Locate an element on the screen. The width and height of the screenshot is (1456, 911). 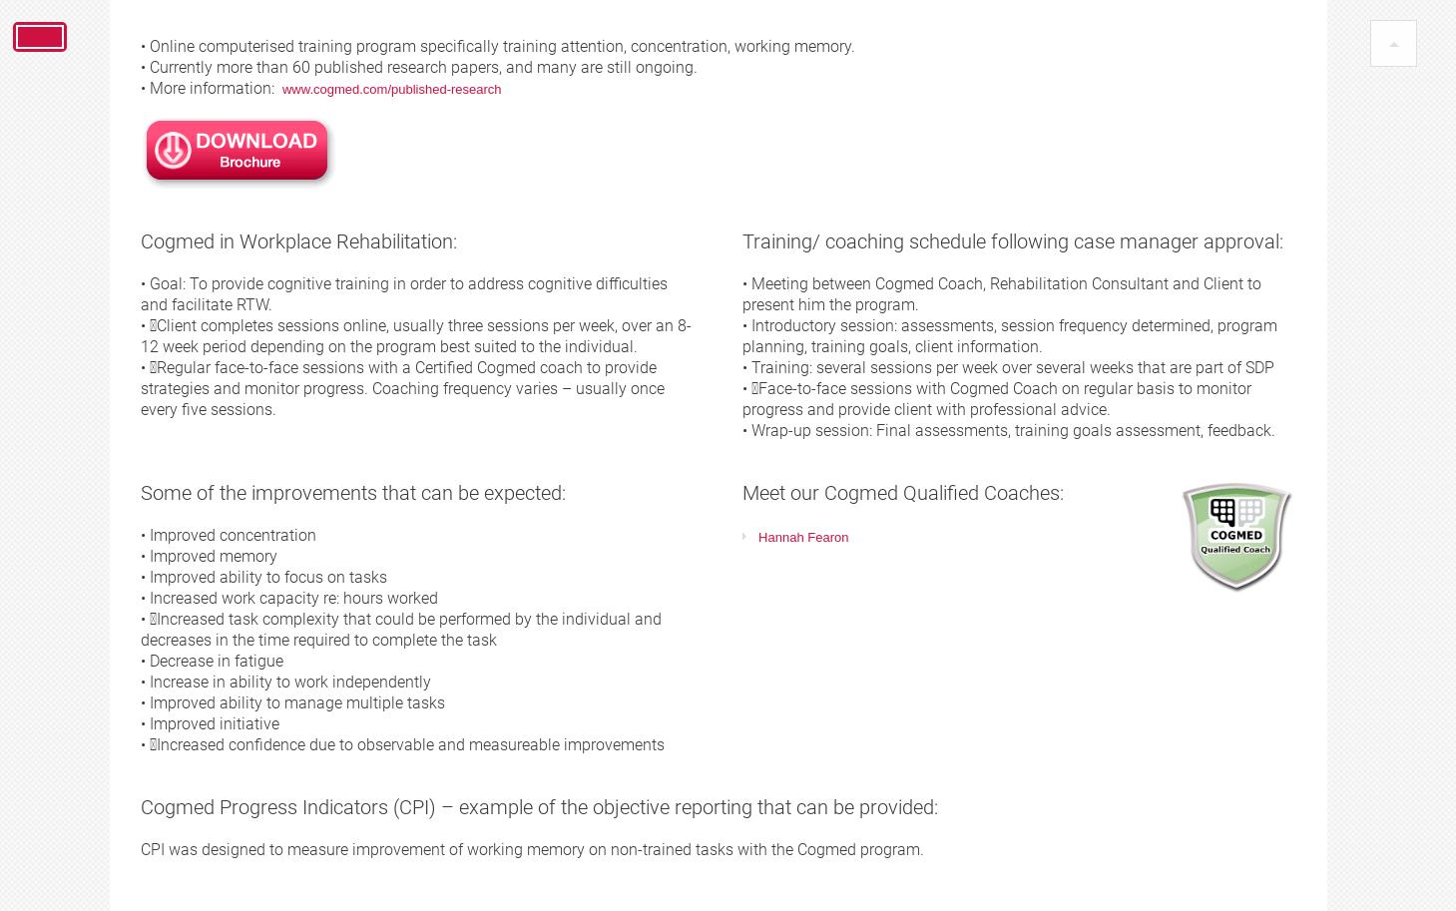
'Cogmed Progress Indicators (CPI) – example of the objective reporting that can be provided:' is located at coordinates (537, 806).